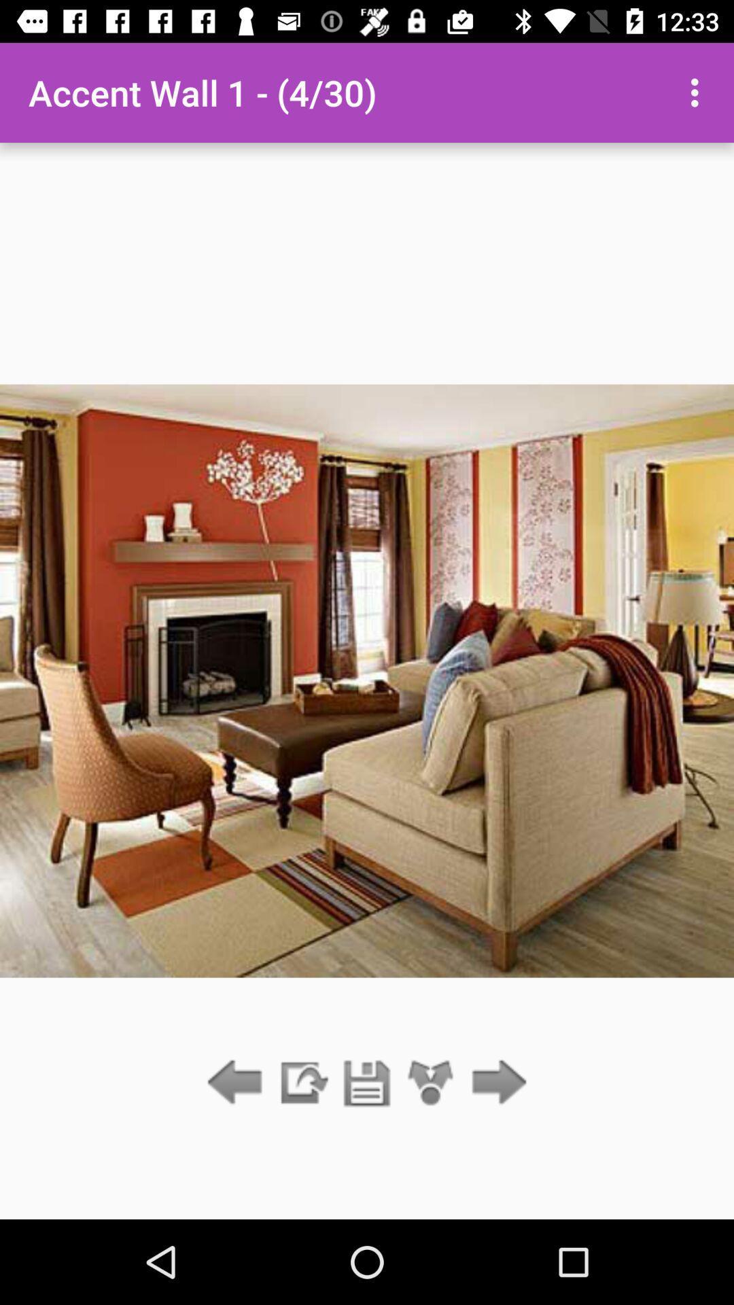 This screenshot has width=734, height=1305. What do you see at coordinates (302, 1083) in the screenshot?
I see `copy` at bounding box center [302, 1083].